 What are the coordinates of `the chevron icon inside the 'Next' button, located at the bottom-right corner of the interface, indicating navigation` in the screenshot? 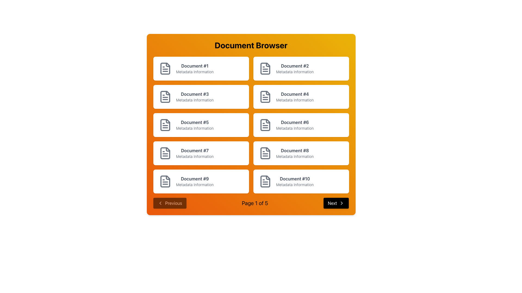 It's located at (341, 203).